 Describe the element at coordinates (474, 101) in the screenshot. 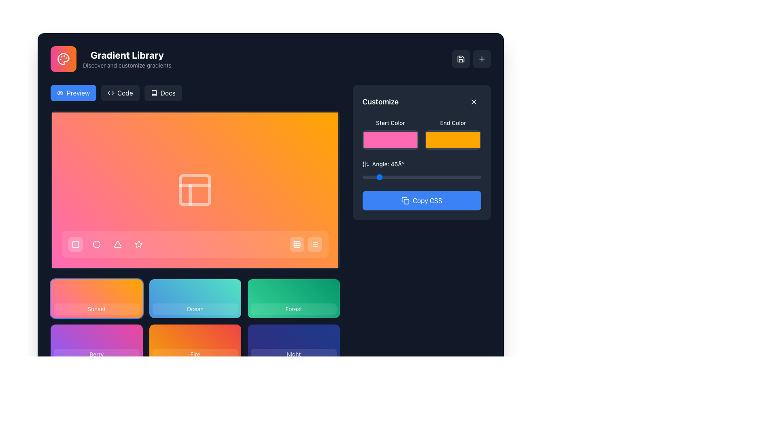

I see `the circular close button with an 'X' icon located at the top-right corner of the 'Customize' dialog box` at that location.